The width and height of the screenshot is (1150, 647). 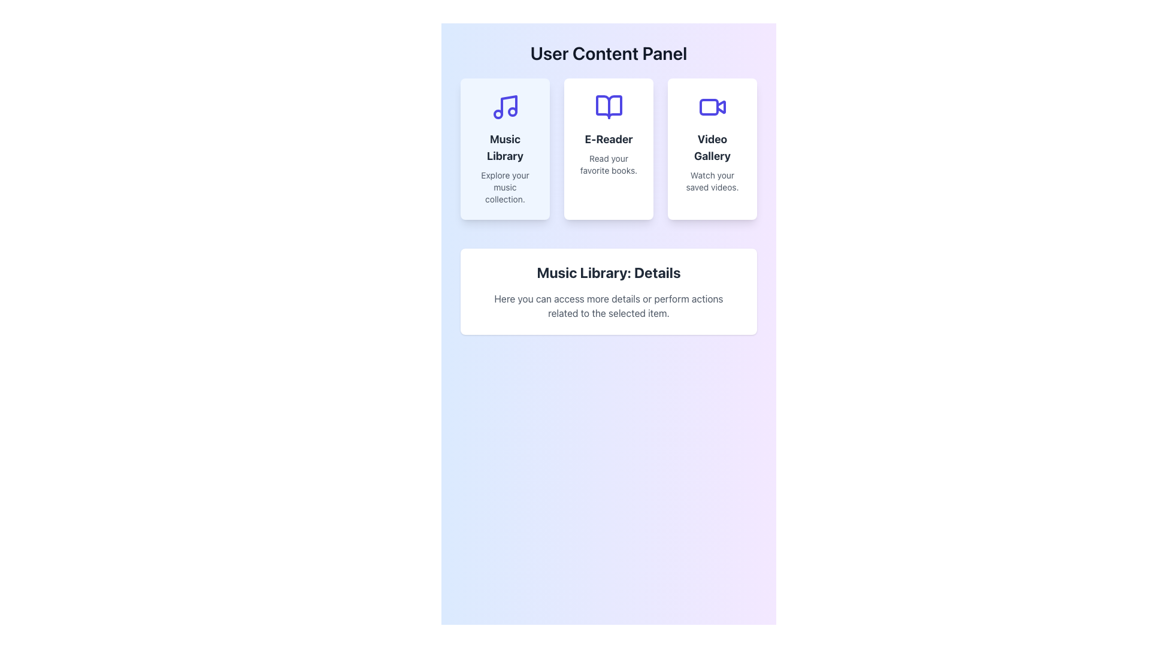 What do you see at coordinates (609, 106) in the screenshot?
I see `the open book icon located at the top of the middle card in the 'E-Reader' section, which has a blue fill and rounded corners` at bounding box center [609, 106].